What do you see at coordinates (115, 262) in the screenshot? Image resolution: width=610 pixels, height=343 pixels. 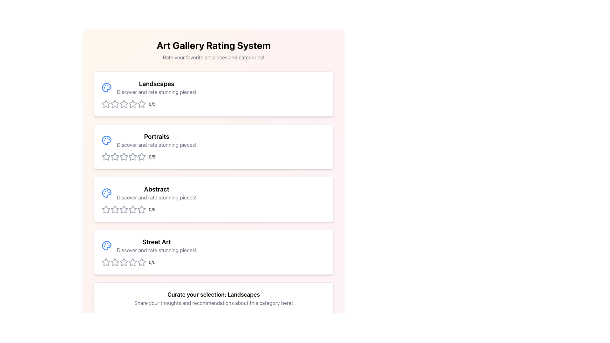 I see `the third star in the rating system labeled 'Street Art'` at bounding box center [115, 262].